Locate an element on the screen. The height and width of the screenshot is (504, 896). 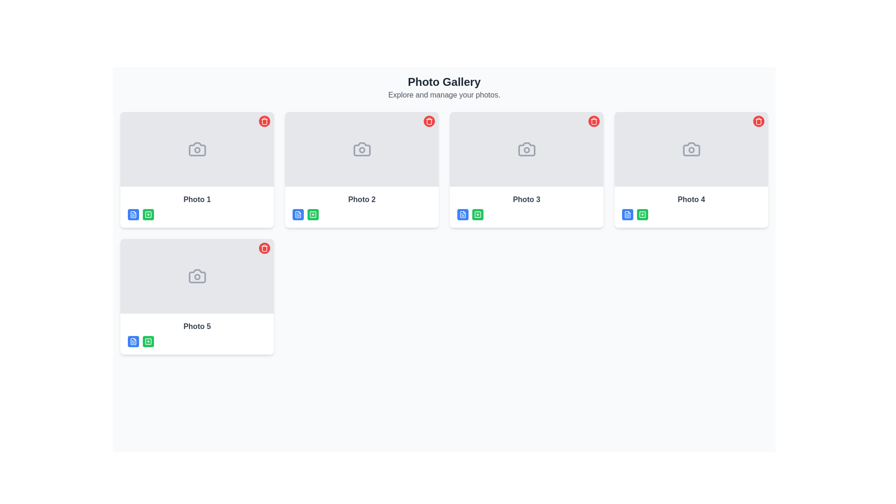
the camera icon, which is a simplistic outline style icon with a circular lens, located in the top-right row of the fourth panel labeled 'Photo' is located at coordinates (691, 149).